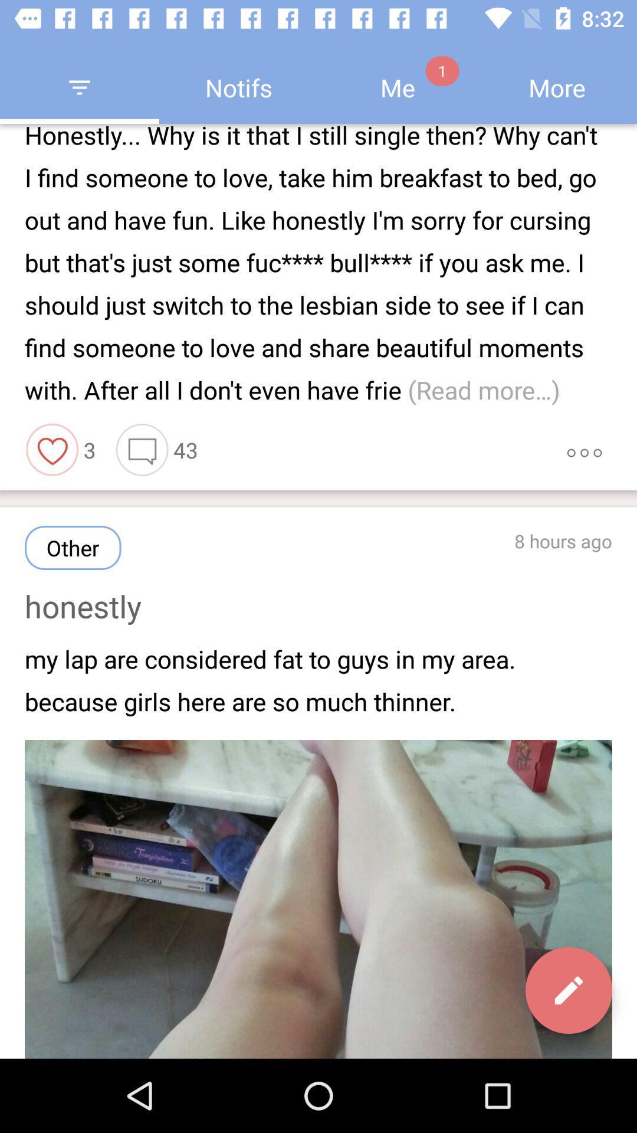  Describe the element at coordinates (52, 449) in the screenshot. I see `icon next to the 3 icon` at that location.